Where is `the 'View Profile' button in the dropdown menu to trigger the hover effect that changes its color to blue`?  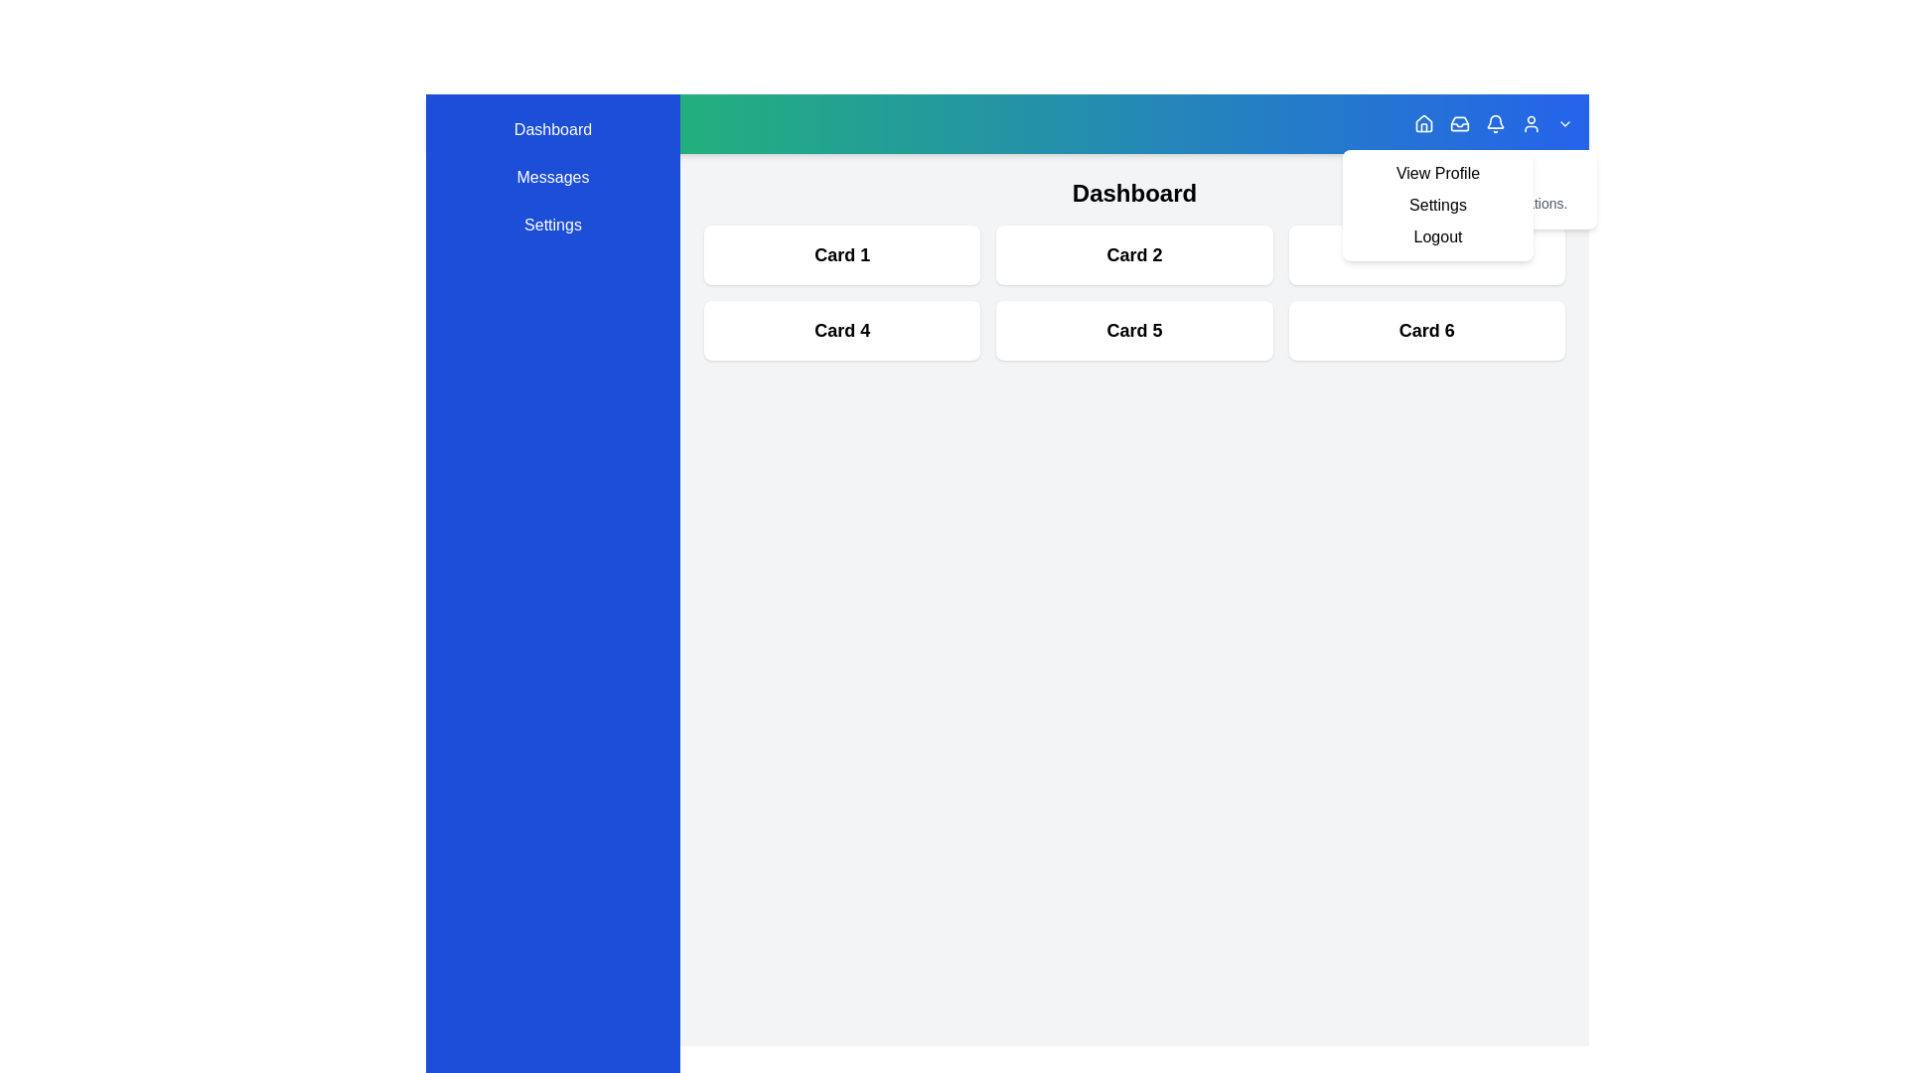
the 'View Profile' button in the dropdown menu to trigger the hover effect that changes its color to blue is located at coordinates (1438, 172).